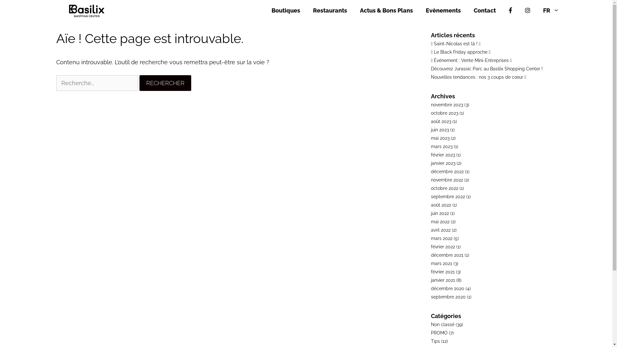 Image resolution: width=617 pixels, height=347 pixels. What do you see at coordinates (440, 221) in the screenshot?
I see `'mai 2022'` at bounding box center [440, 221].